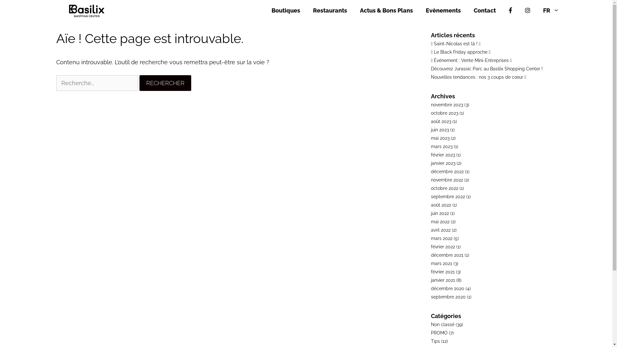 Image resolution: width=617 pixels, height=347 pixels. What do you see at coordinates (440, 221) in the screenshot?
I see `'mai 2022'` at bounding box center [440, 221].